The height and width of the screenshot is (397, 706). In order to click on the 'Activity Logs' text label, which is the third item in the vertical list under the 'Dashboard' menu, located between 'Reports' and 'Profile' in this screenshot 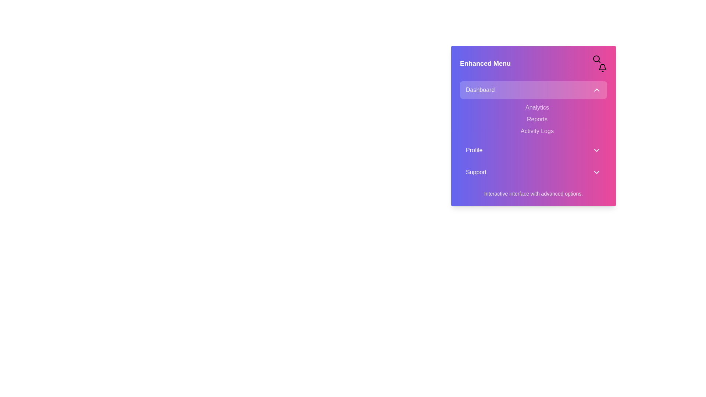, I will do `click(537, 131)`.